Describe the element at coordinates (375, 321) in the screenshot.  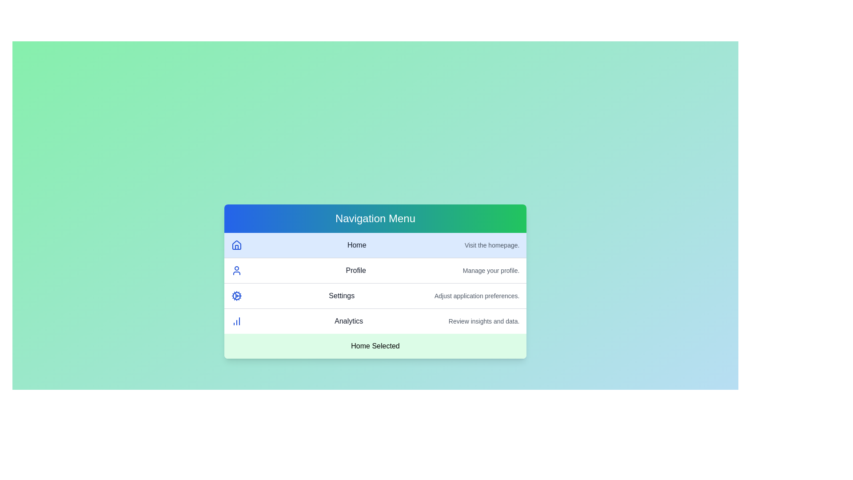
I see `the menu item labeled Analytics to select it` at that location.